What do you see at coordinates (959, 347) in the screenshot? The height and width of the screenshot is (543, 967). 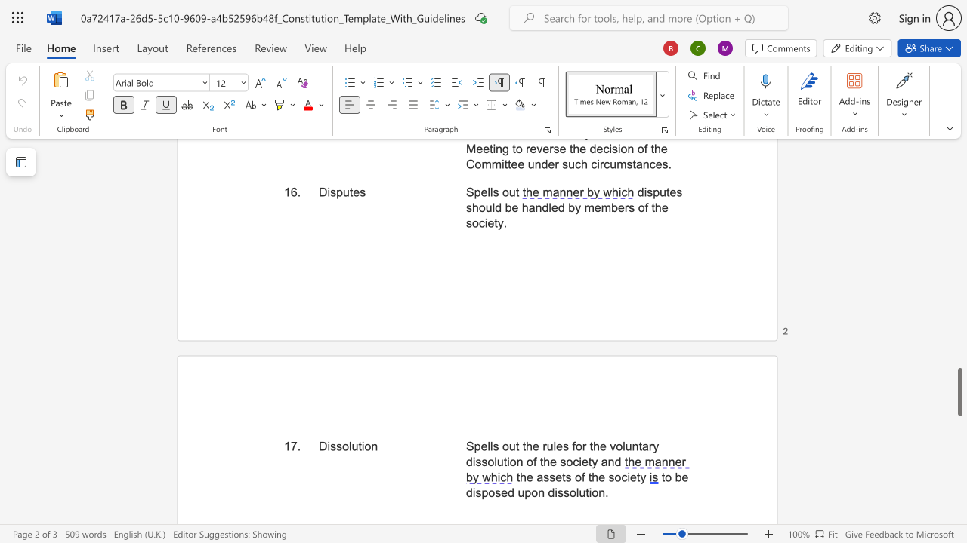 I see `the scrollbar on the right to shift the page higher` at bounding box center [959, 347].